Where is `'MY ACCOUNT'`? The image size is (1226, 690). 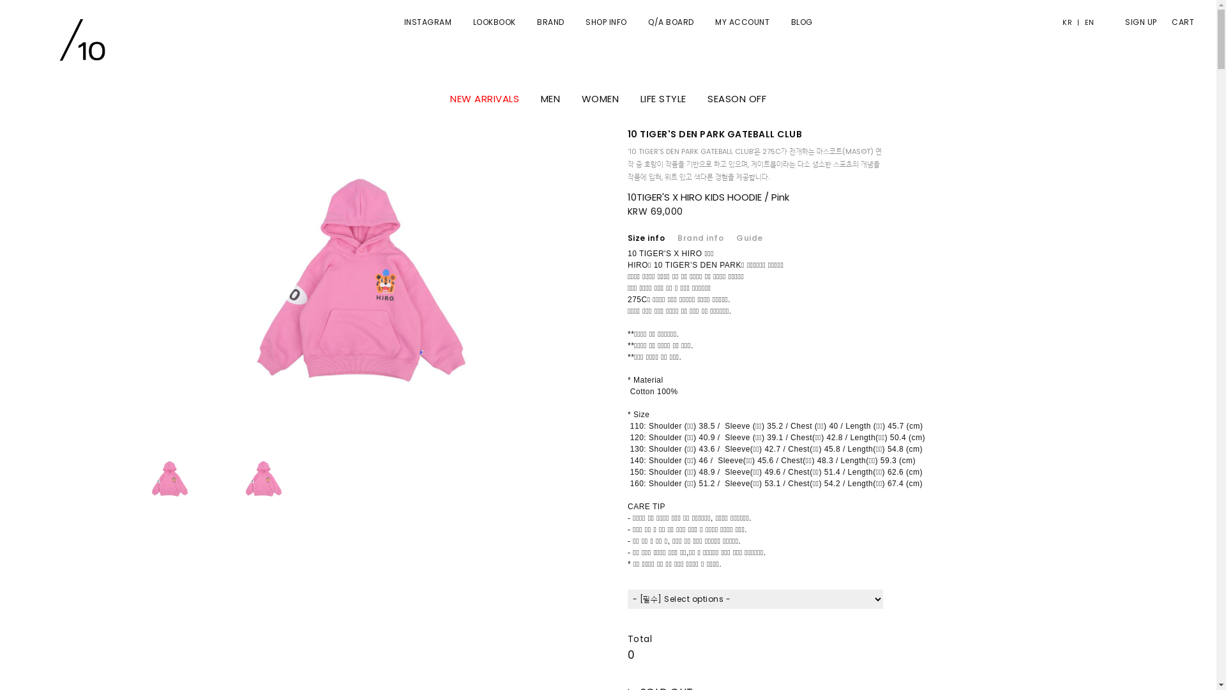
'MY ACCOUNT' is located at coordinates (742, 22).